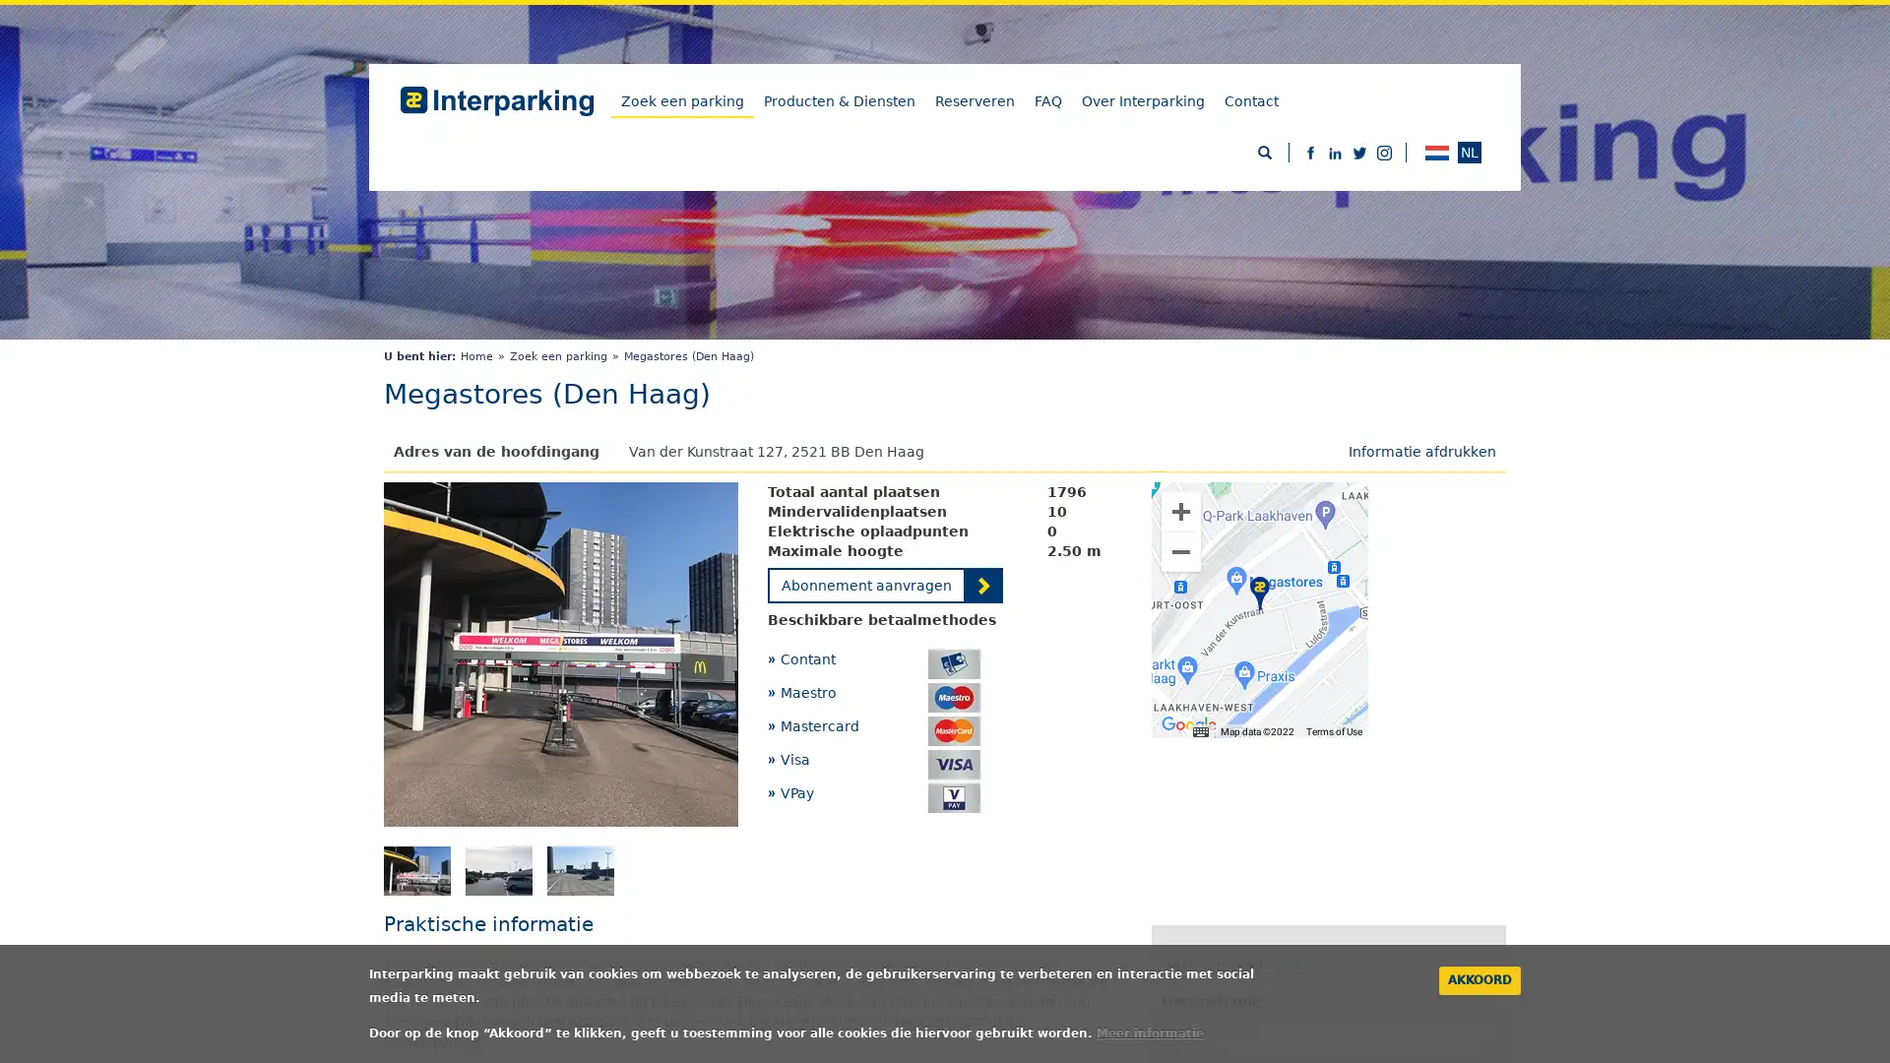 The width and height of the screenshot is (1890, 1063). What do you see at coordinates (1181, 551) in the screenshot?
I see `Zoom out` at bounding box center [1181, 551].